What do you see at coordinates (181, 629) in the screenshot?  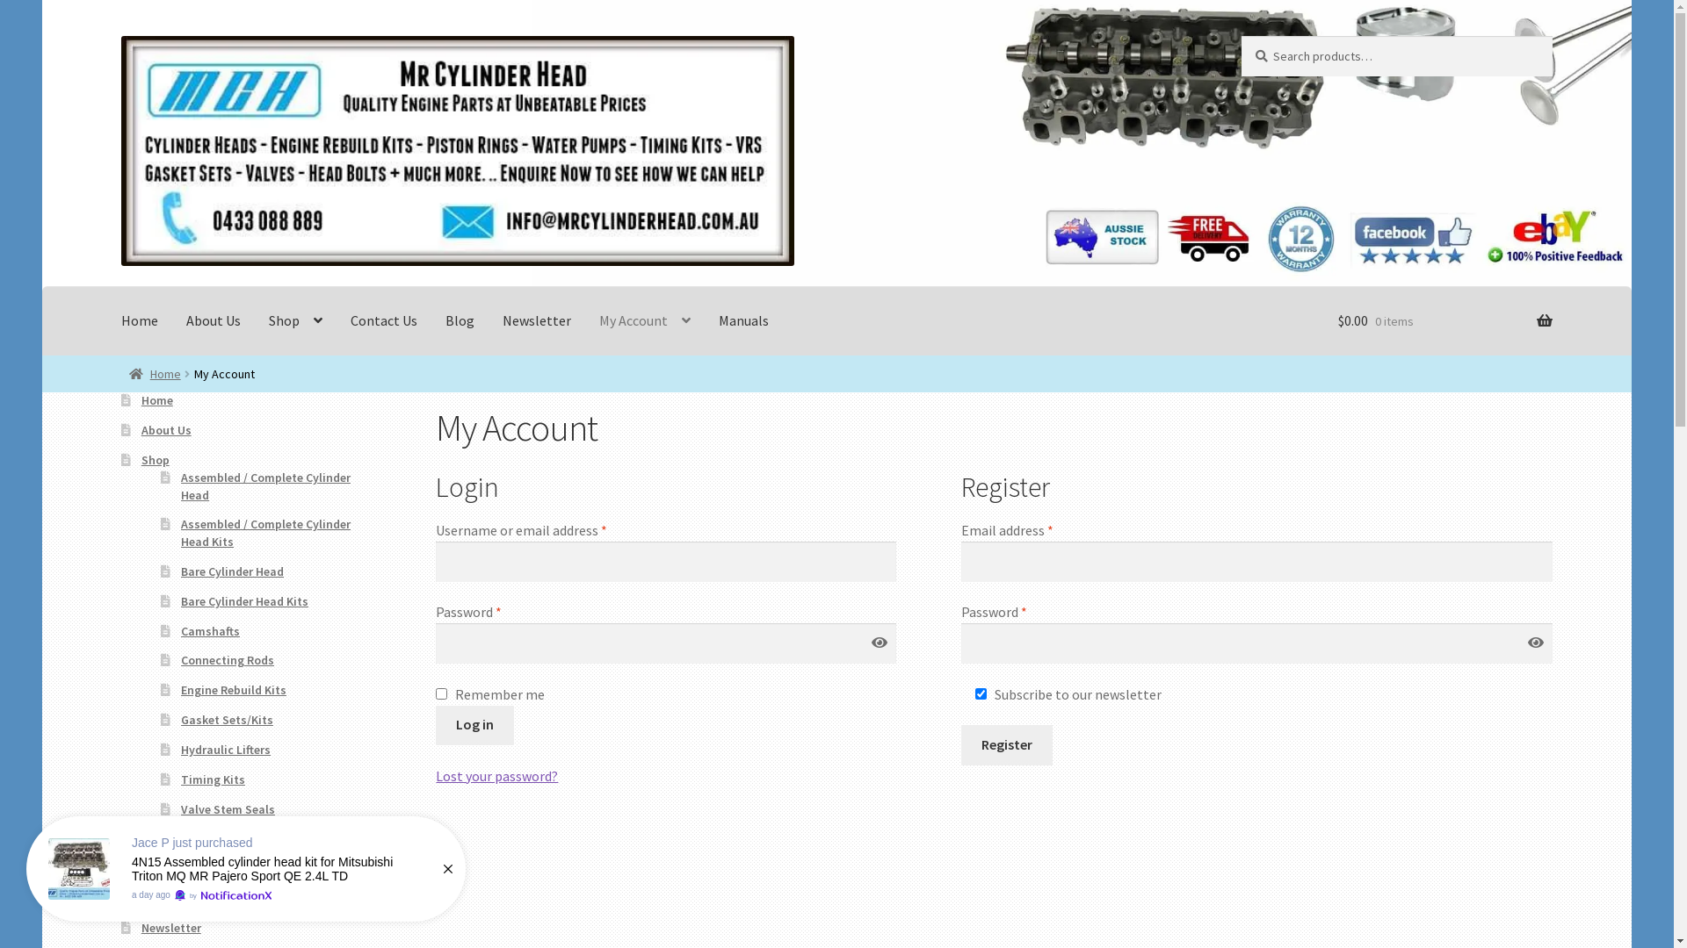 I see `'Camshafts'` at bounding box center [181, 629].